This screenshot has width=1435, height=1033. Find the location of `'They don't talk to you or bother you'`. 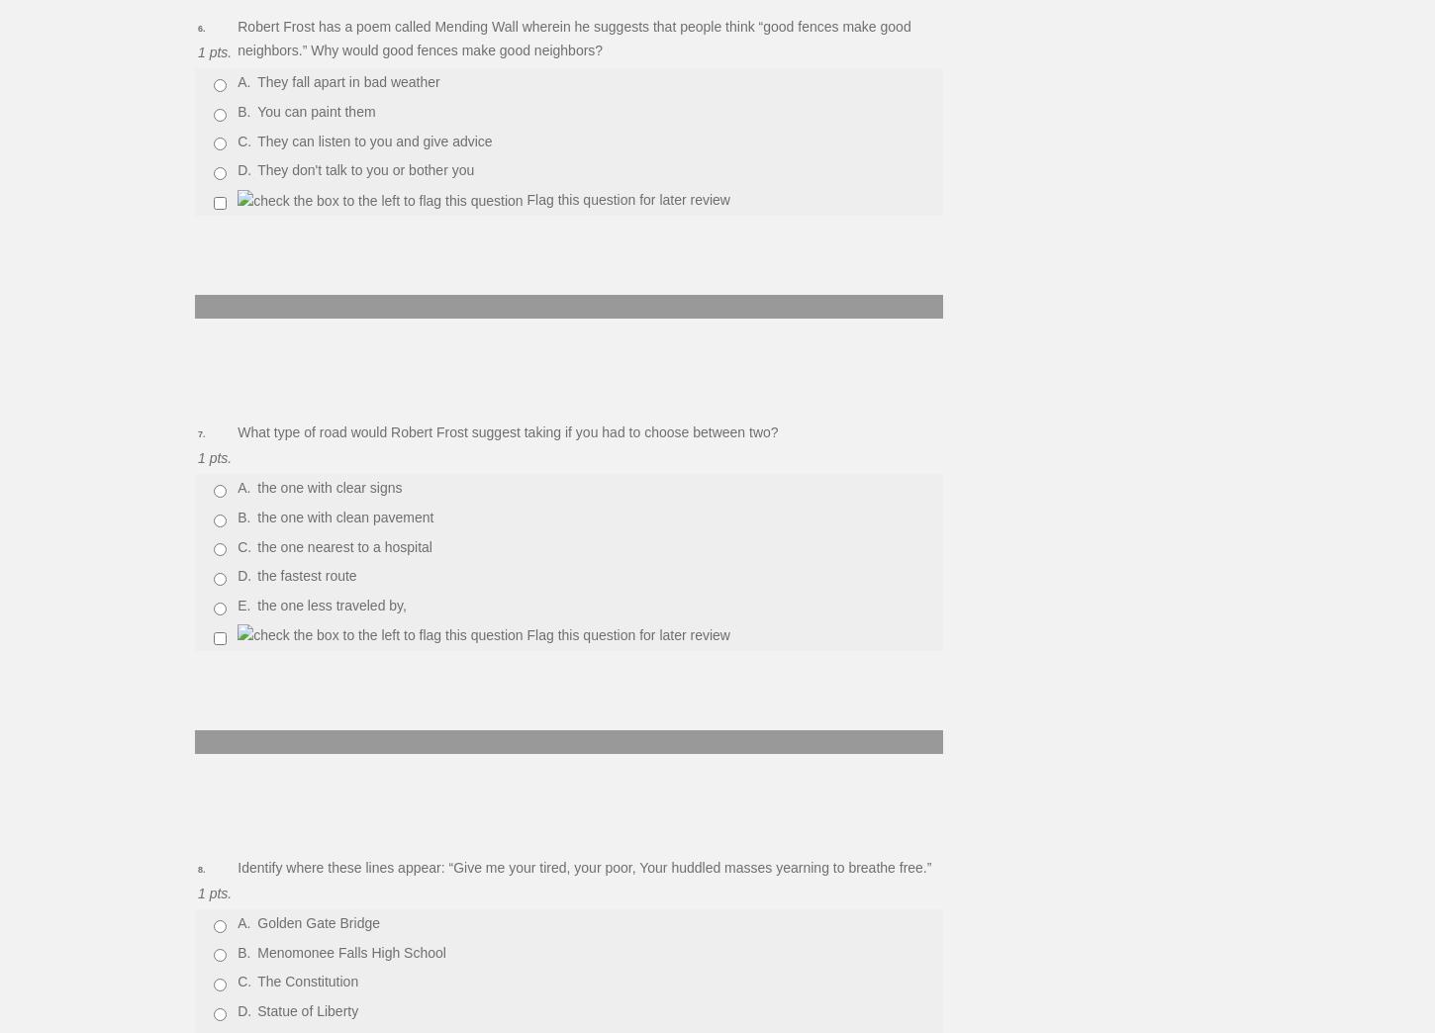

'They don't talk to you or bother you' is located at coordinates (364, 169).